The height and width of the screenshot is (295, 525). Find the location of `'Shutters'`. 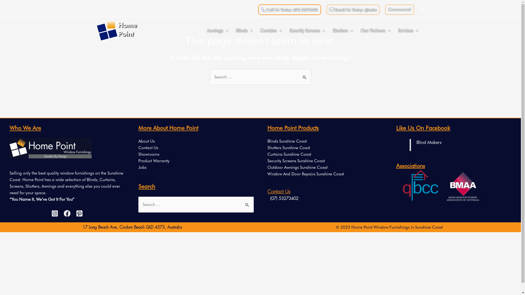

'Shutters' is located at coordinates (343, 31).